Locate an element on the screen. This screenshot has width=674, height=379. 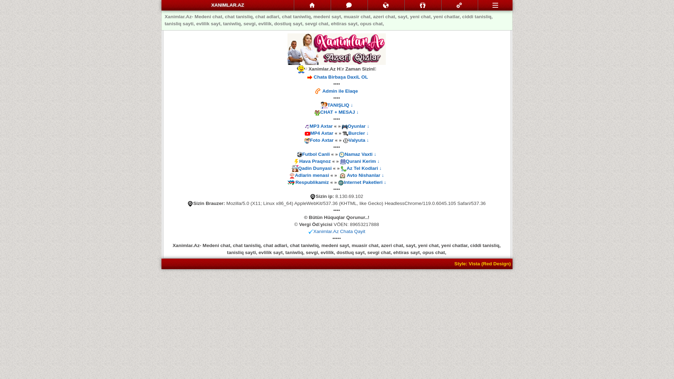
'Foto Axtar' is located at coordinates (321, 140).